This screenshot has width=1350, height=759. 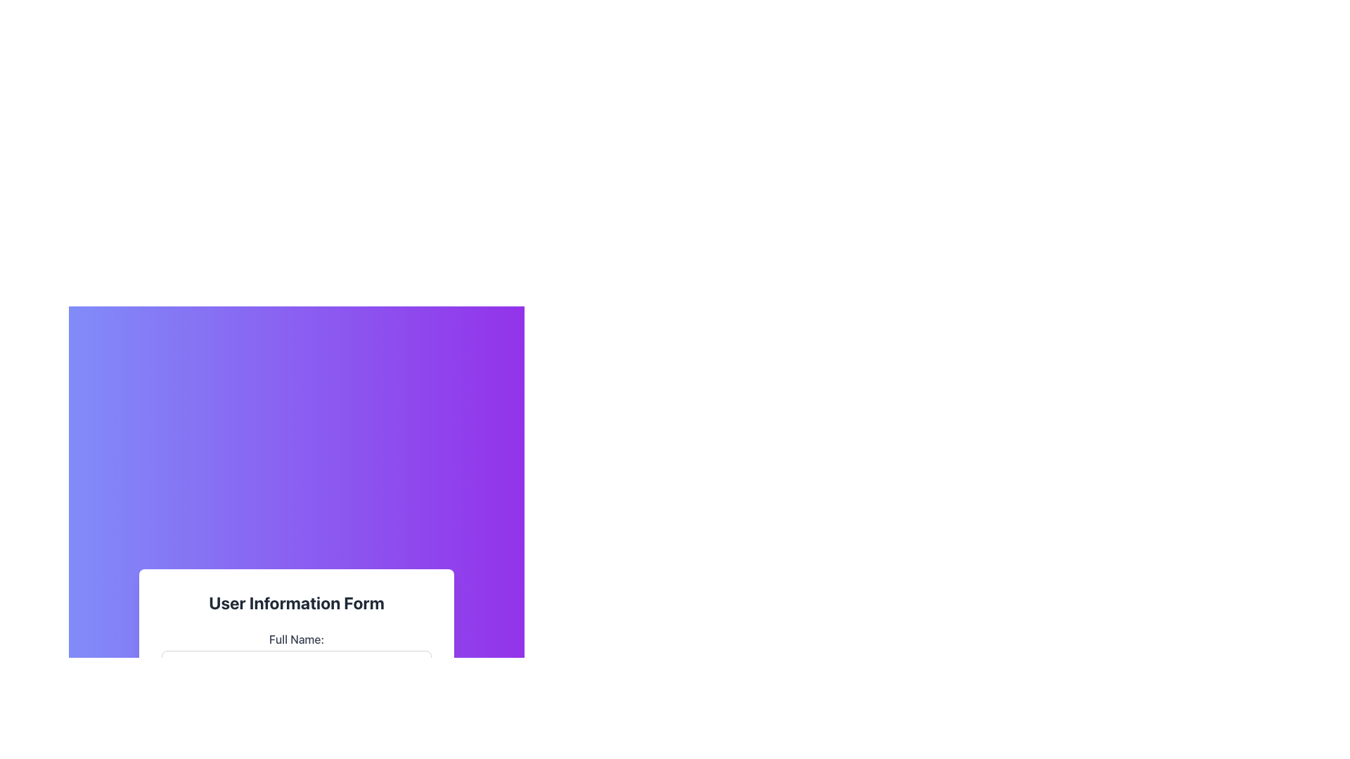 I want to click on text label 'Full Name:' which is styled in bold gray font, located above the input field for the user's full name in the 'User Information Form', so click(x=296, y=640).